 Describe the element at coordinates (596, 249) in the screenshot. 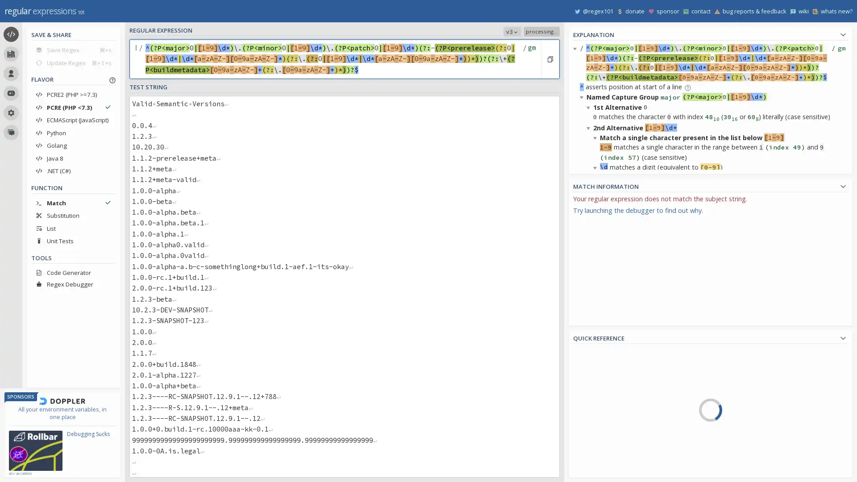

I see `Collapse Subtree` at that location.